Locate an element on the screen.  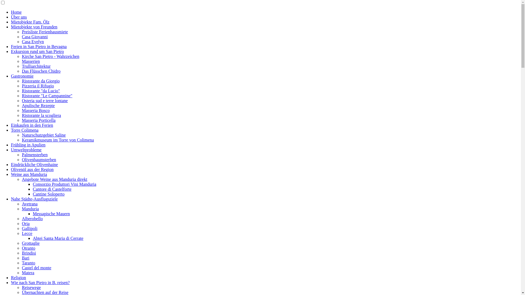
'Gallipoli' is located at coordinates (29, 228).